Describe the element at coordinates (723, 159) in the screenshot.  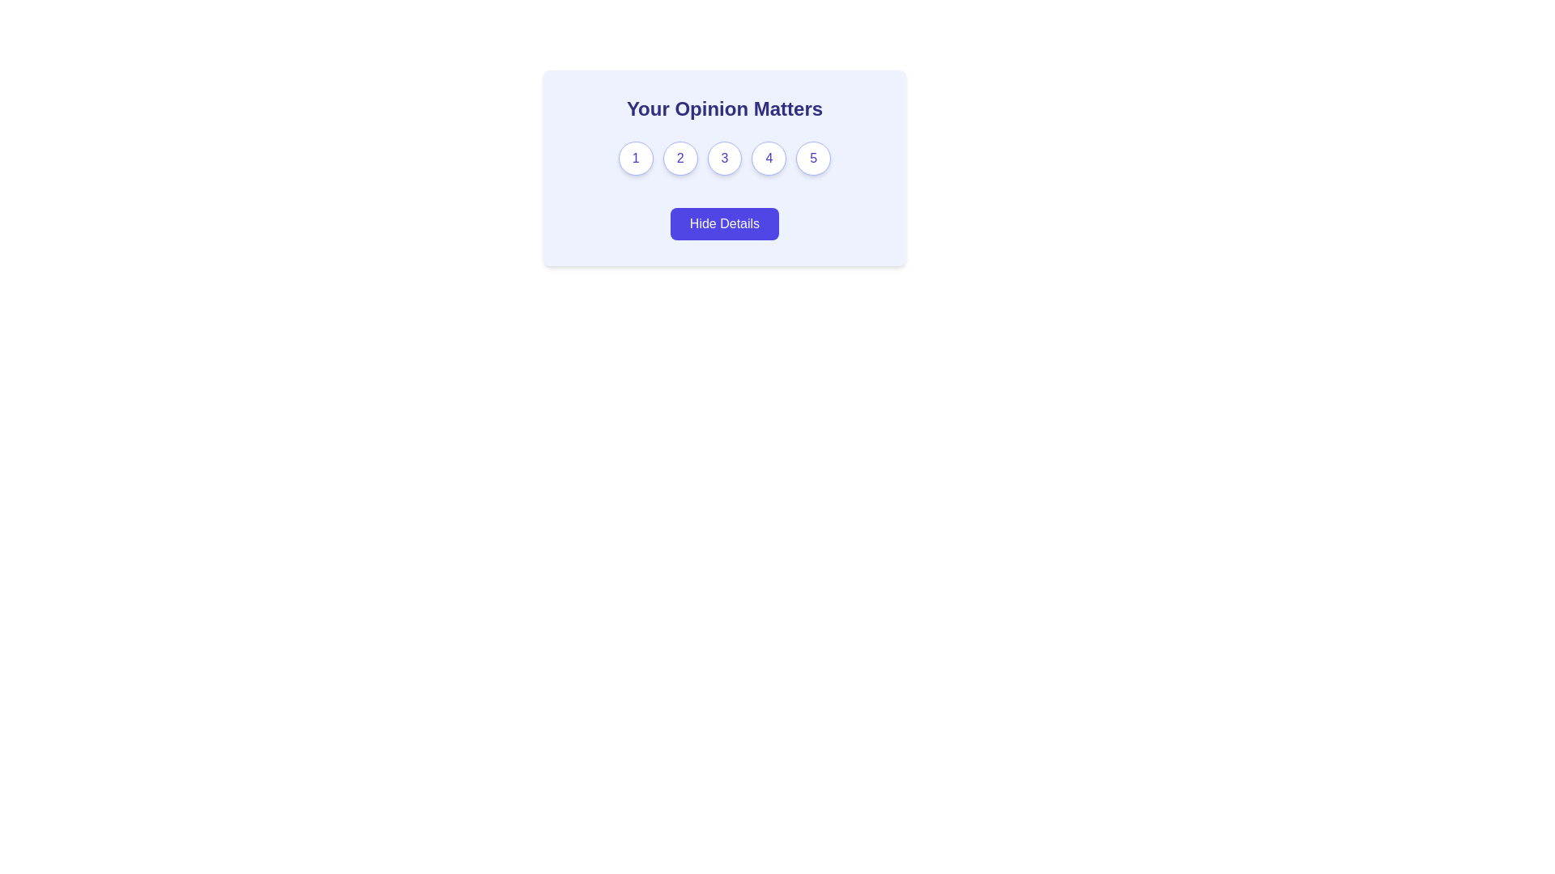
I see `the third button in the horizontally-aligned group of five numbered buttons` at that location.